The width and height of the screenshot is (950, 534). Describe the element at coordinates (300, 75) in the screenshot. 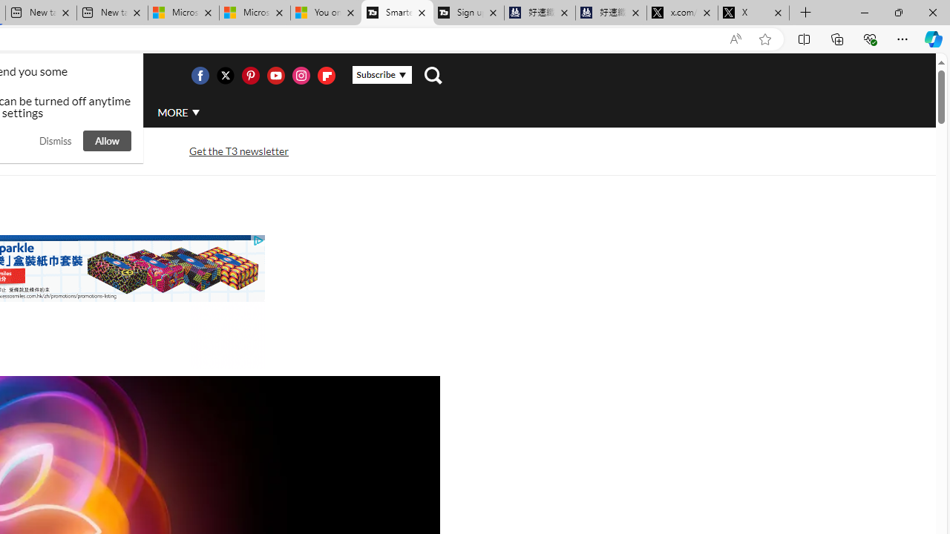

I see `'Visit us on Instagram'` at that location.